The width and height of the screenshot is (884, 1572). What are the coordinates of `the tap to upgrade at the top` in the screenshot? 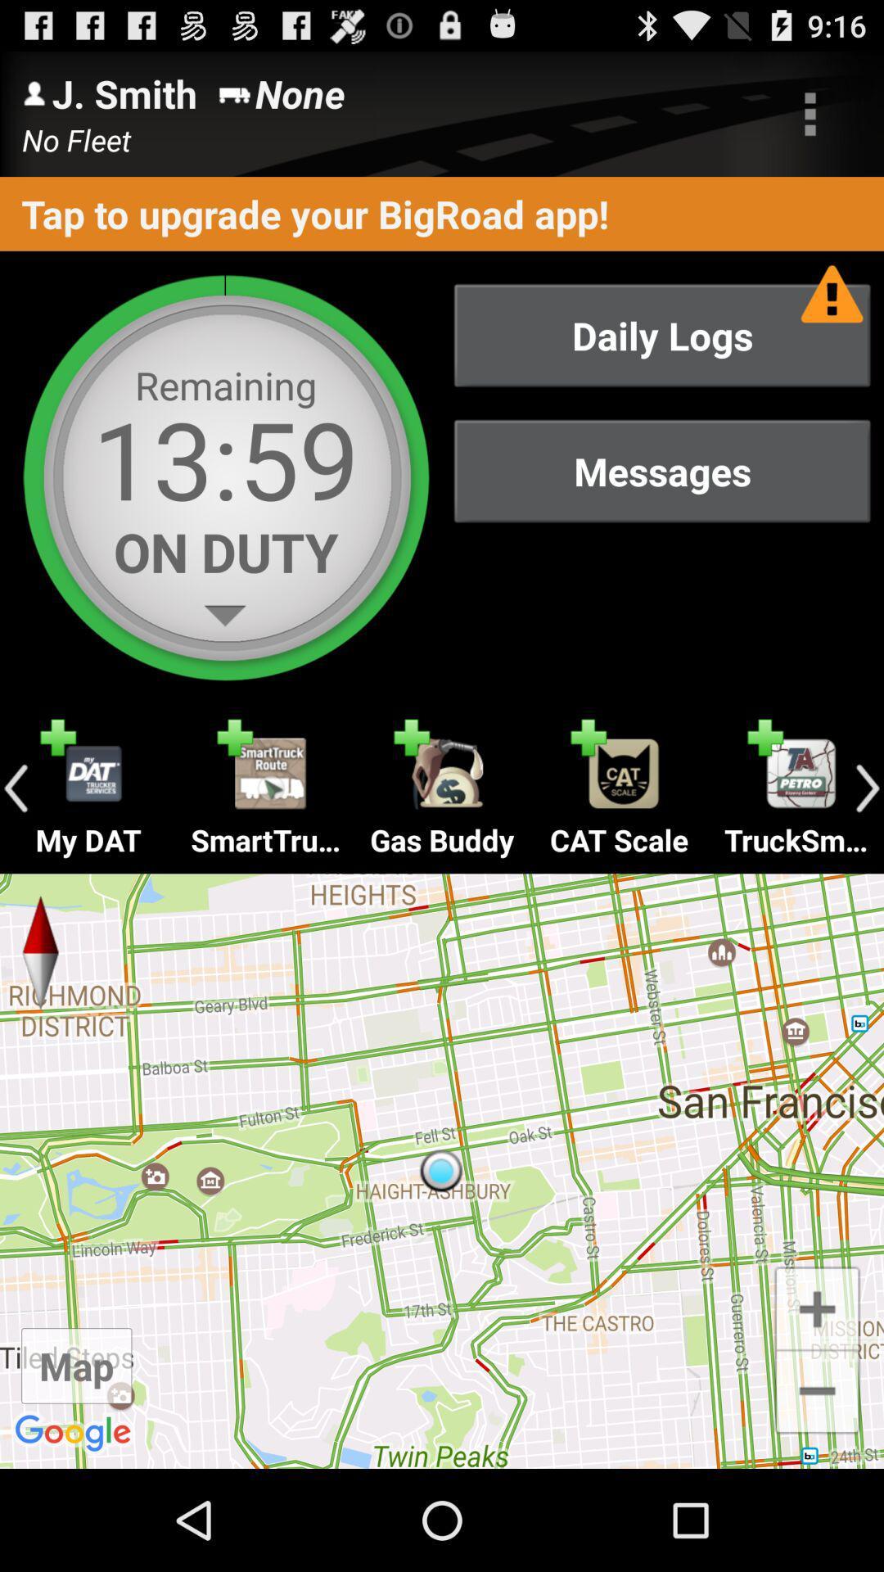 It's located at (442, 213).